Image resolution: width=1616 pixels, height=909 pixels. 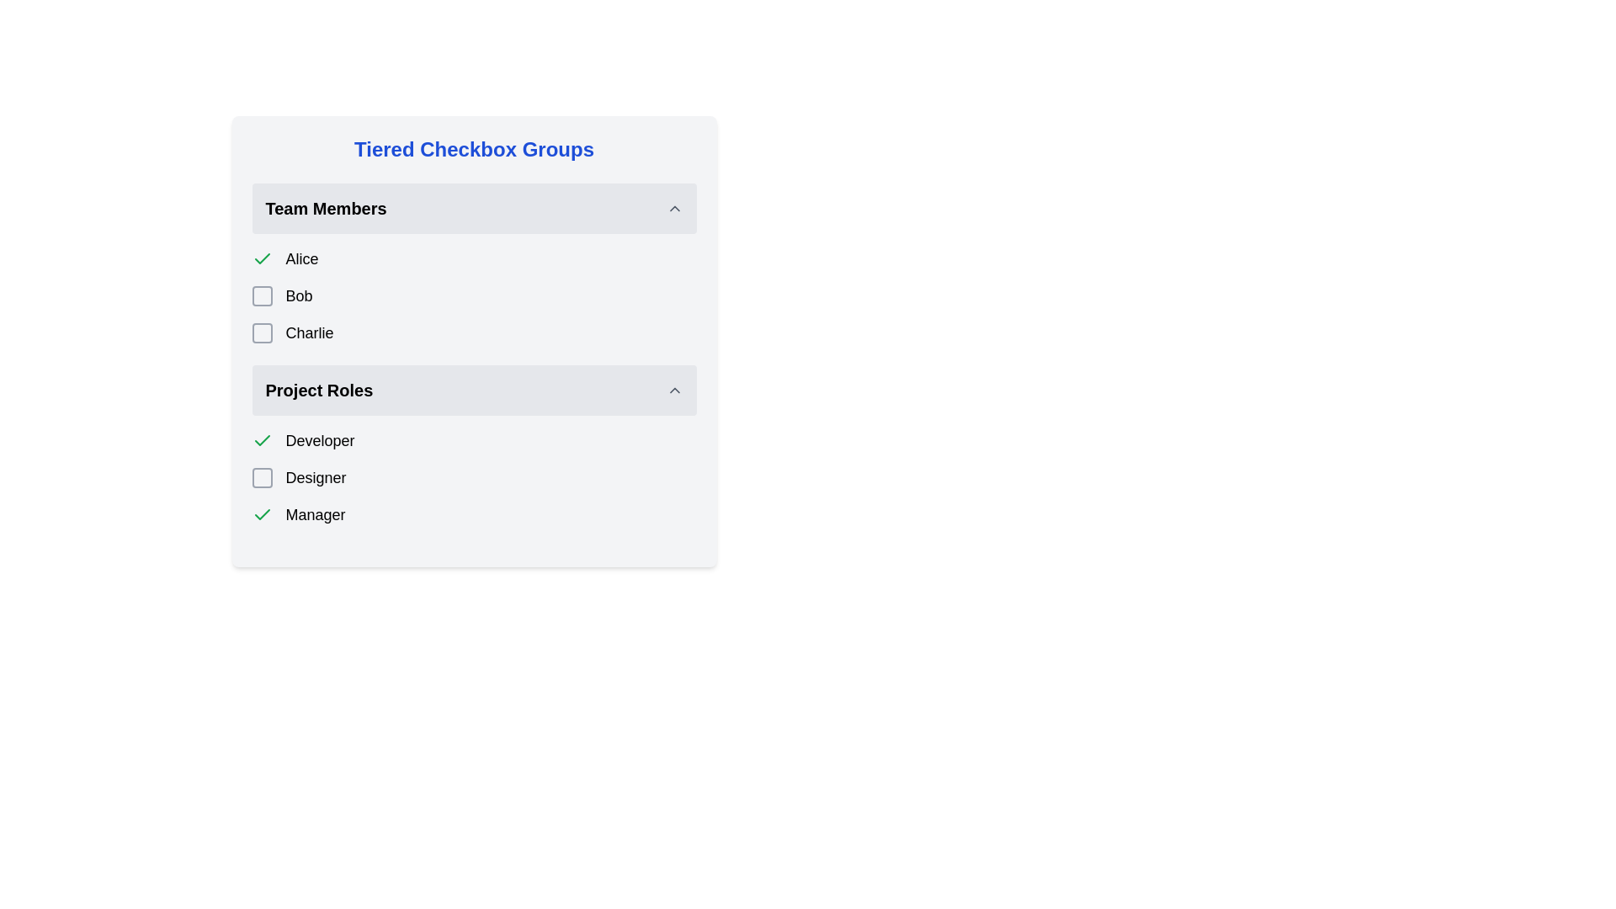 What do you see at coordinates (473, 295) in the screenshot?
I see `the checkbox next to a team member's name in the 'Team Members' checkbox group` at bounding box center [473, 295].